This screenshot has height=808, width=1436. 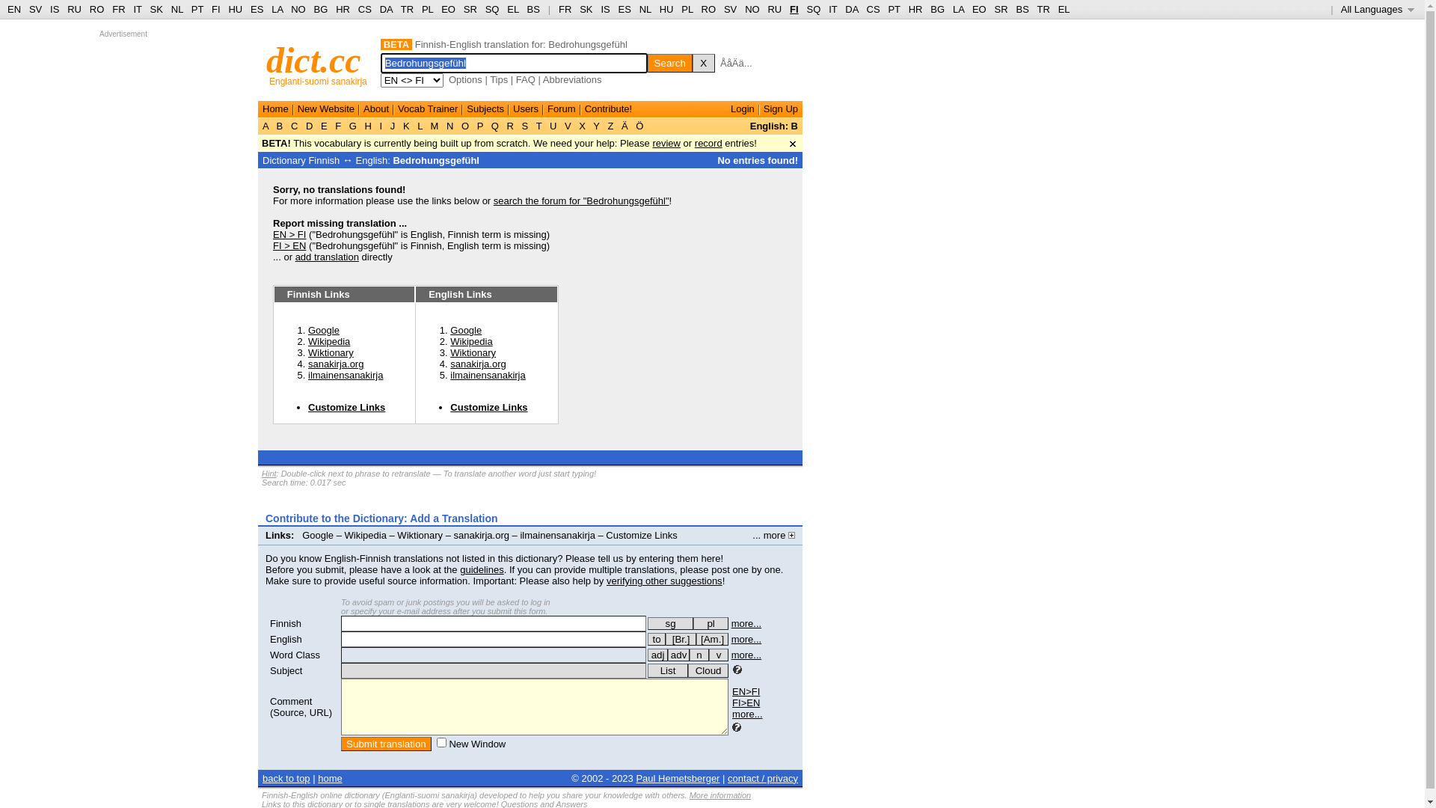 What do you see at coordinates (499, 79) in the screenshot?
I see `'Tips'` at bounding box center [499, 79].